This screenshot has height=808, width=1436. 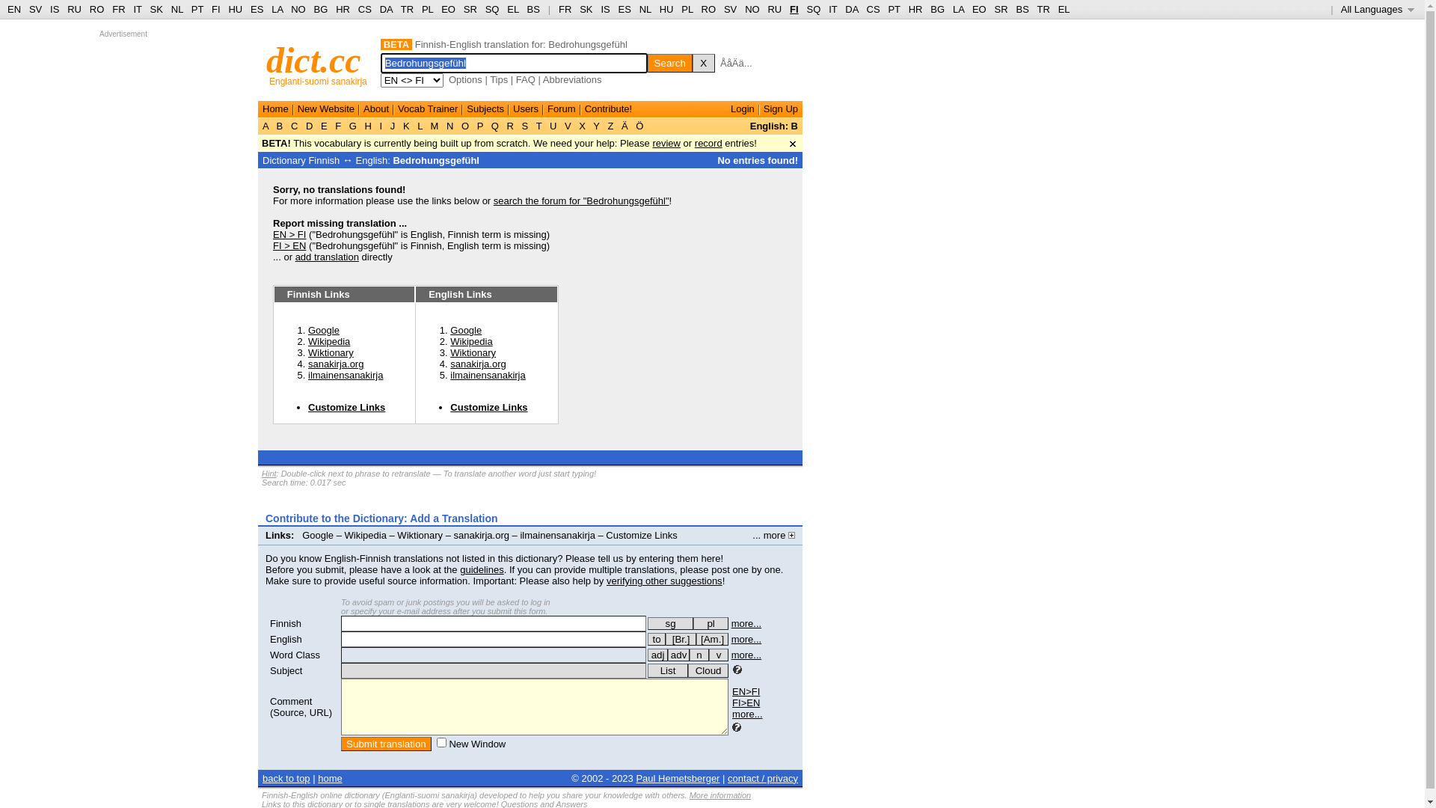 What do you see at coordinates (499, 79) in the screenshot?
I see `'Tips'` at bounding box center [499, 79].